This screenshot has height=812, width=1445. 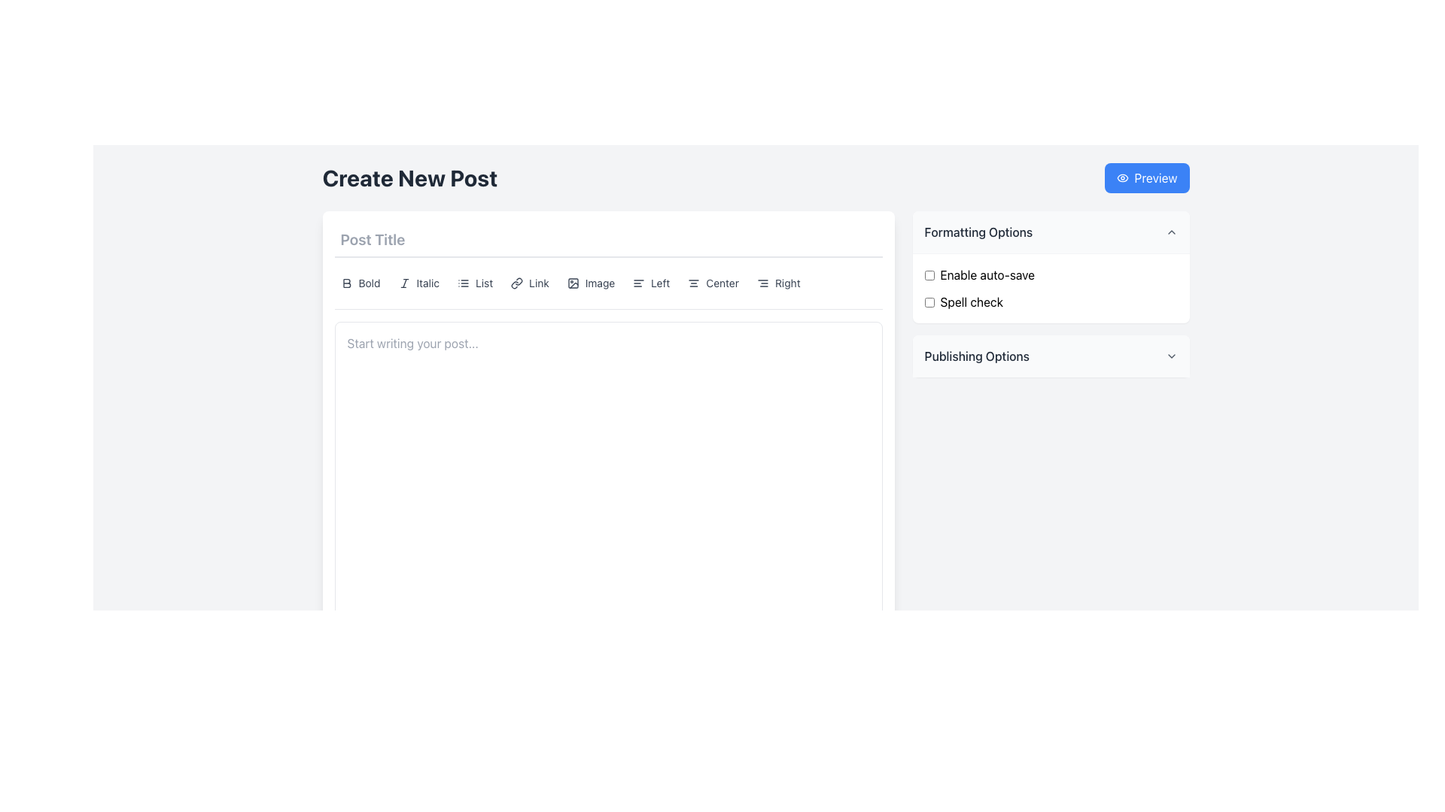 What do you see at coordinates (572, 283) in the screenshot?
I see `the small gray photo placeholder icon located in the horizontal toolbar beneath the 'Post Title' heading` at bounding box center [572, 283].